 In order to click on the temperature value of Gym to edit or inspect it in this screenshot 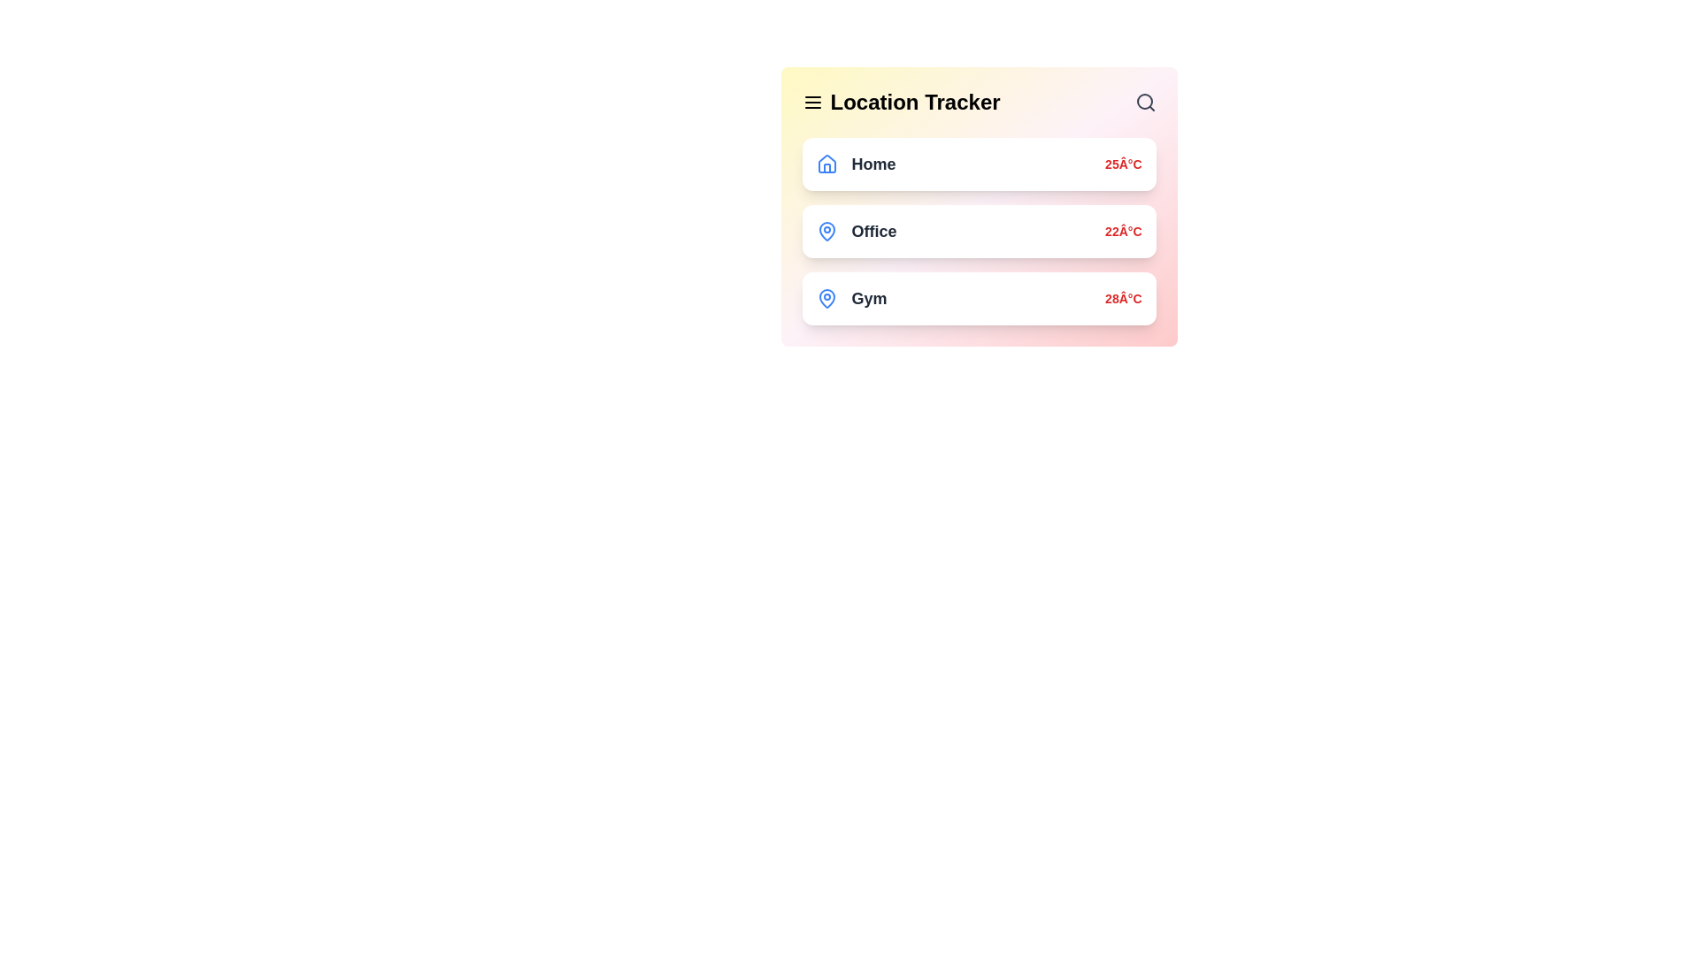, I will do `click(1122, 298)`.